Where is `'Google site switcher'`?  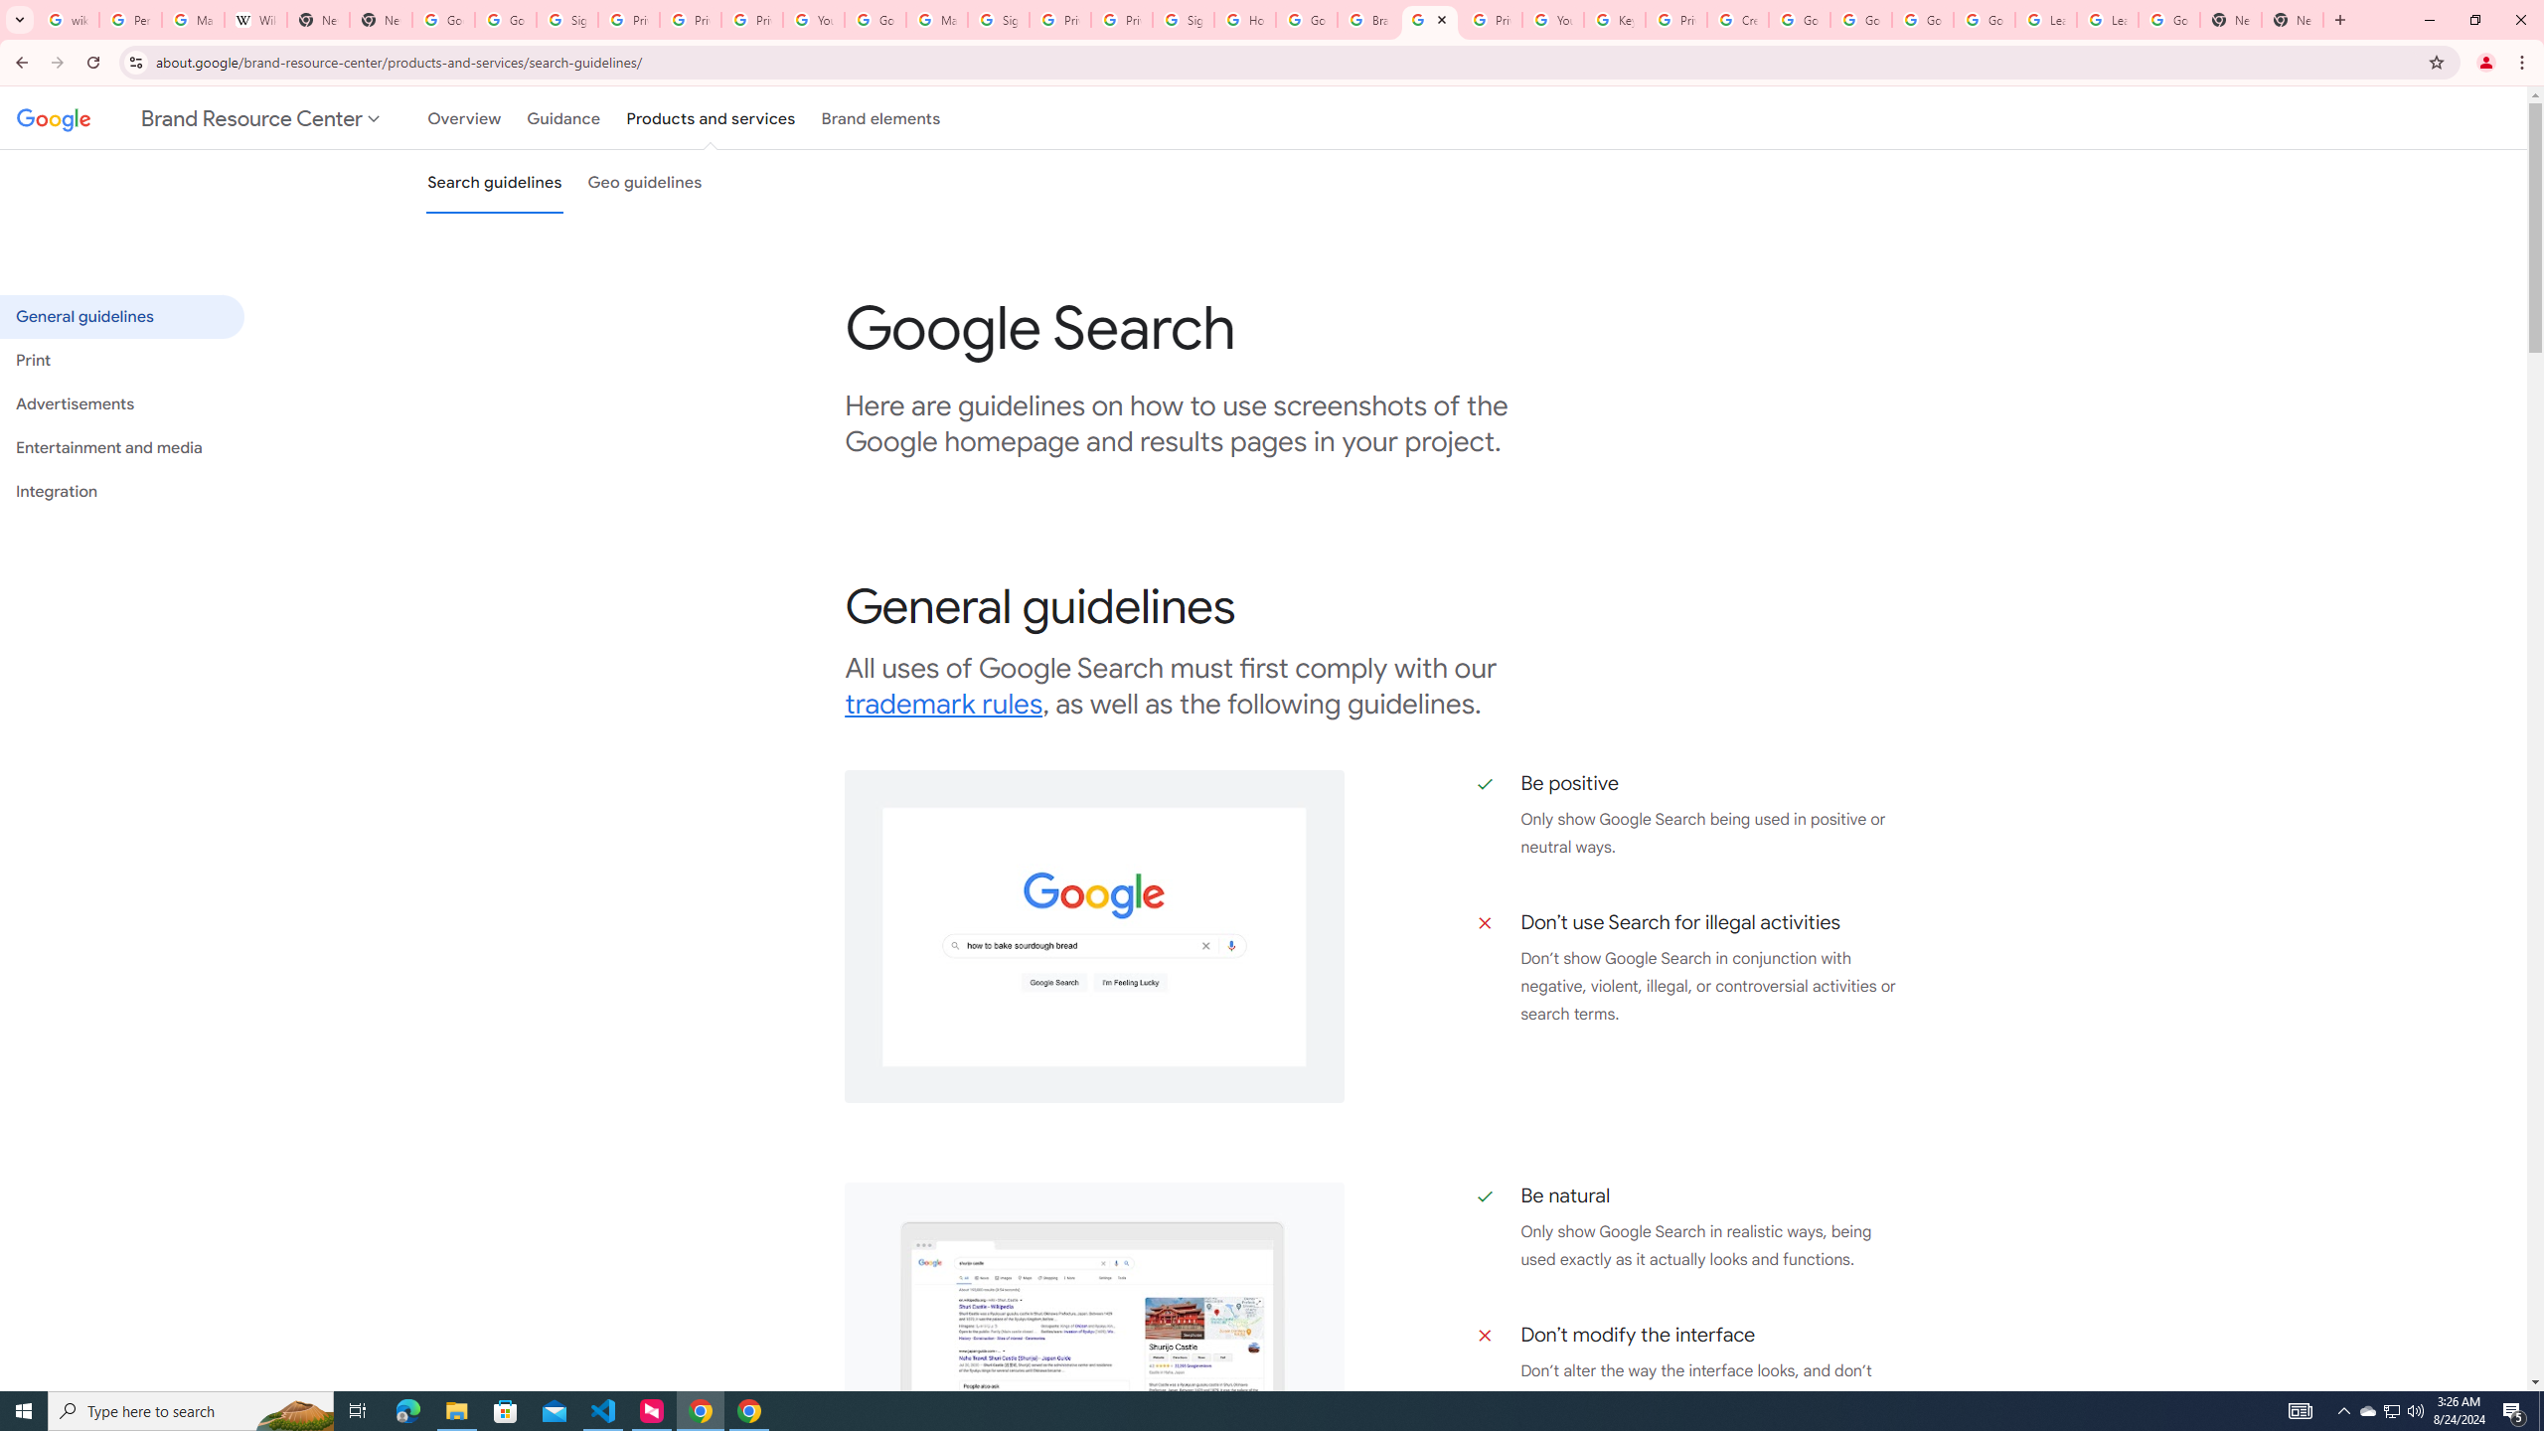
'Google site switcher' is located at coordinates (200, 117).